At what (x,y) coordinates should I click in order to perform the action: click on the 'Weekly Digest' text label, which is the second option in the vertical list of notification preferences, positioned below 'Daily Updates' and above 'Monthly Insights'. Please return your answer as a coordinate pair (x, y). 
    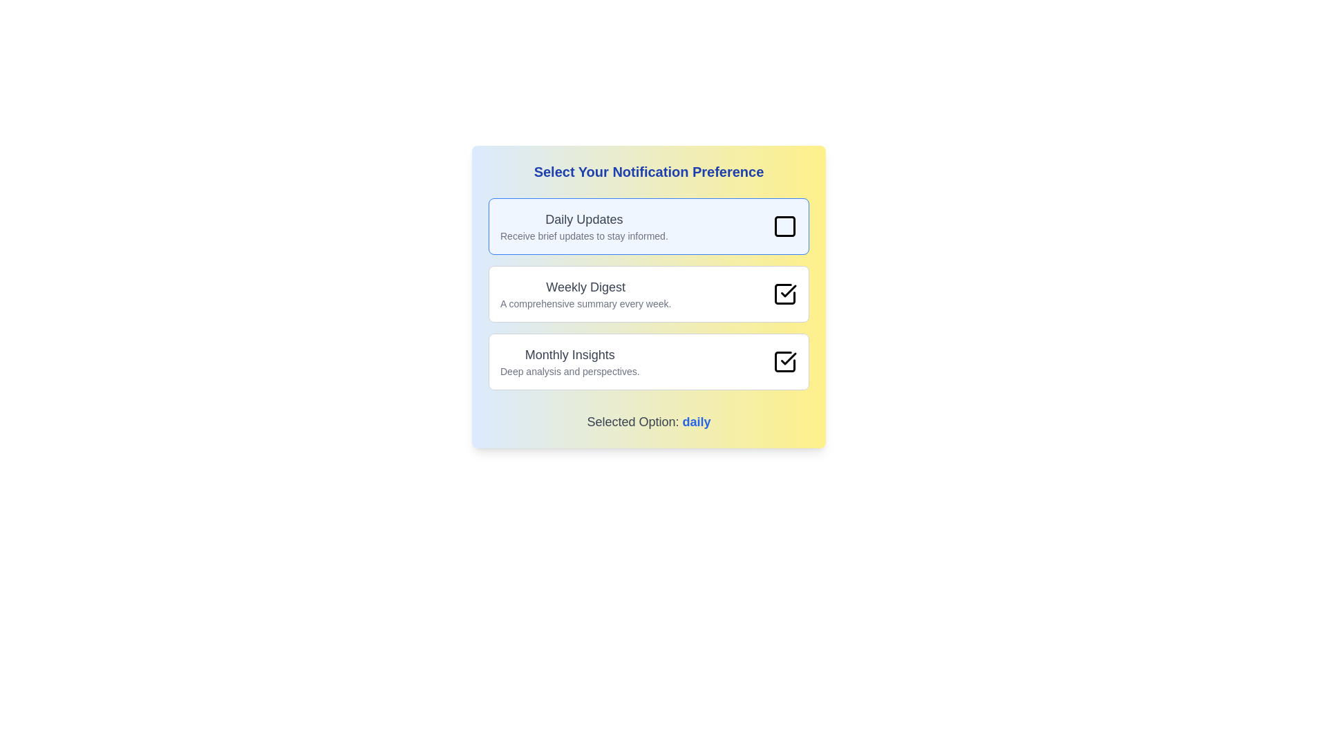
    Looking at the image, I should click on (585, 293).